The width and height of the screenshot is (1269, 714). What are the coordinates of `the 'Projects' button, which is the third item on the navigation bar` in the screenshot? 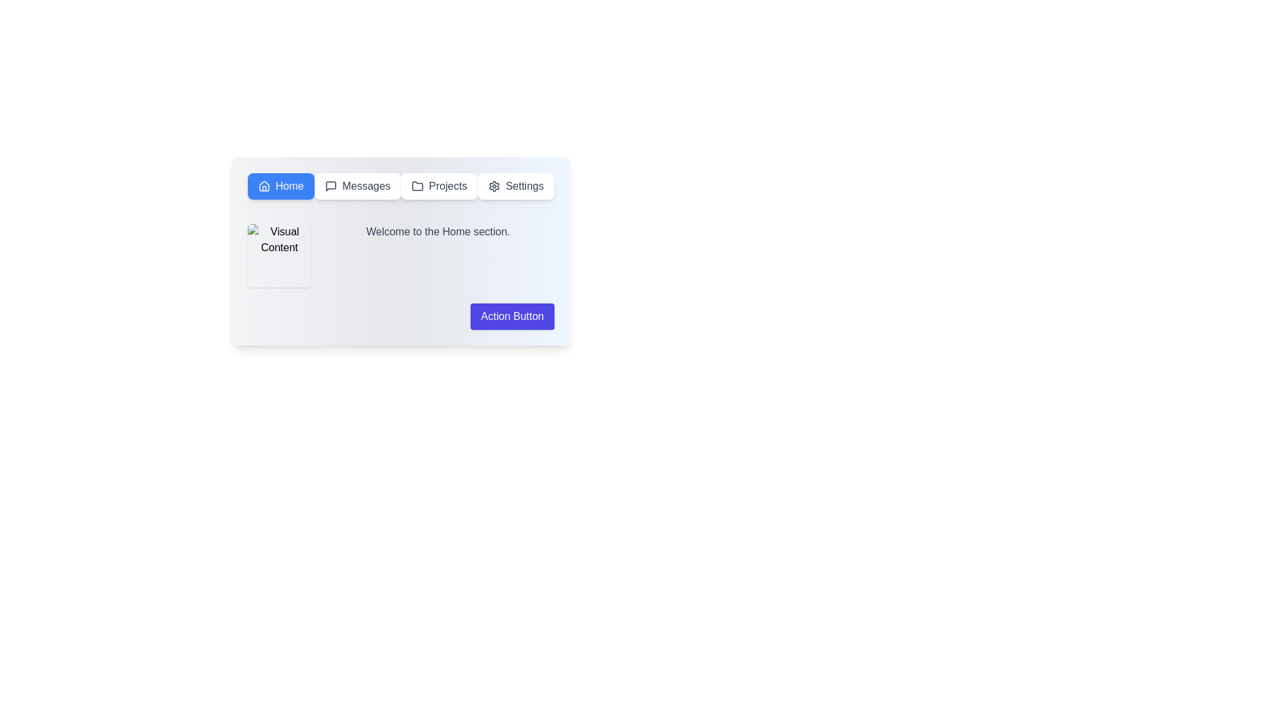 It's located at (440, 186).